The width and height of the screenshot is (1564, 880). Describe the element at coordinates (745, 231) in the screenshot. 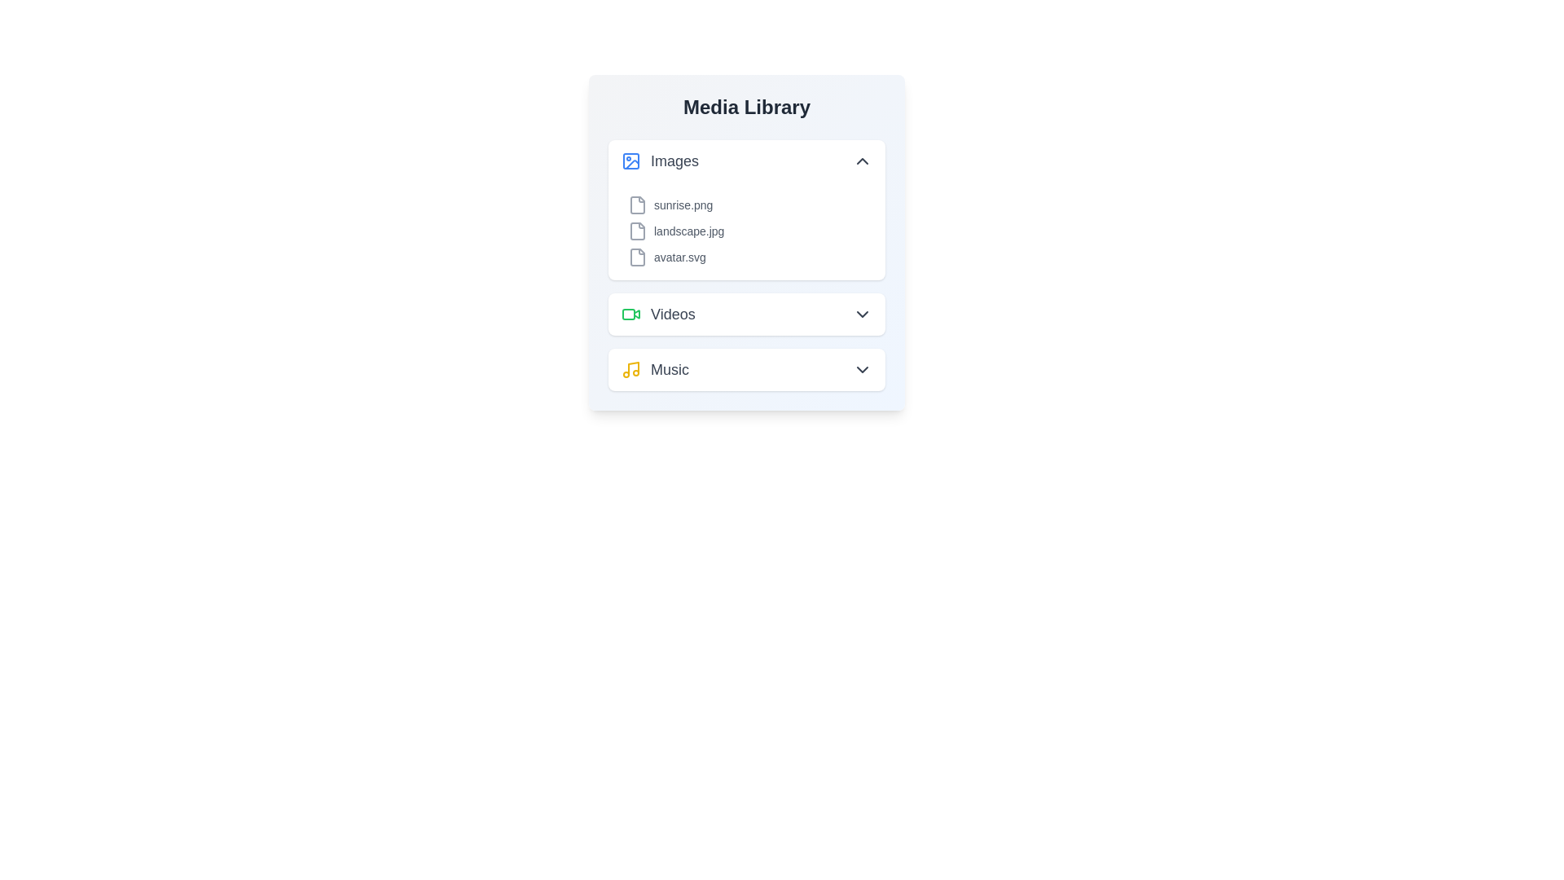

I see `on a file name in the 'Images' section of the media library` at that location.